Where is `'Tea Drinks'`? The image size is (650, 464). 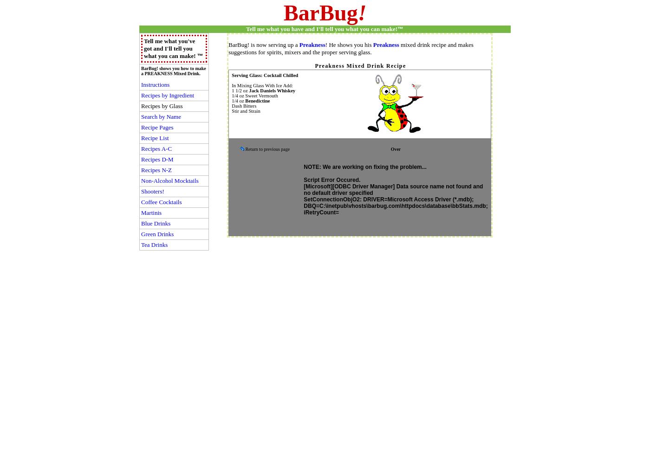 'Tea Drinks' is located at coordinates (141, 245).